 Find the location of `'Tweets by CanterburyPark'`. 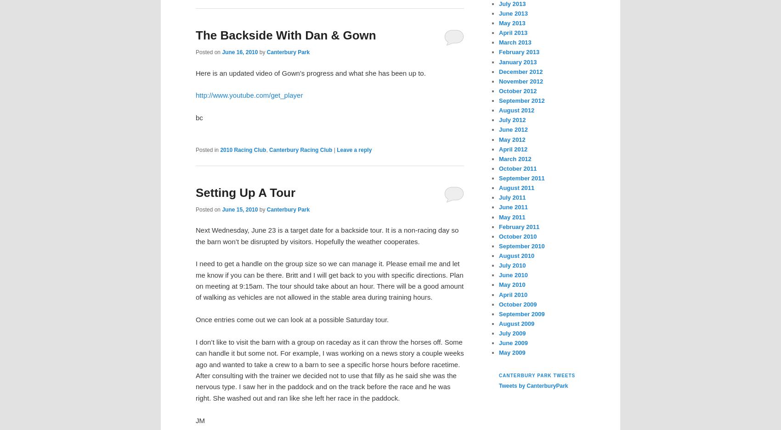

'Tweets by CanterburyPark' is located at coordinates (498, 385).